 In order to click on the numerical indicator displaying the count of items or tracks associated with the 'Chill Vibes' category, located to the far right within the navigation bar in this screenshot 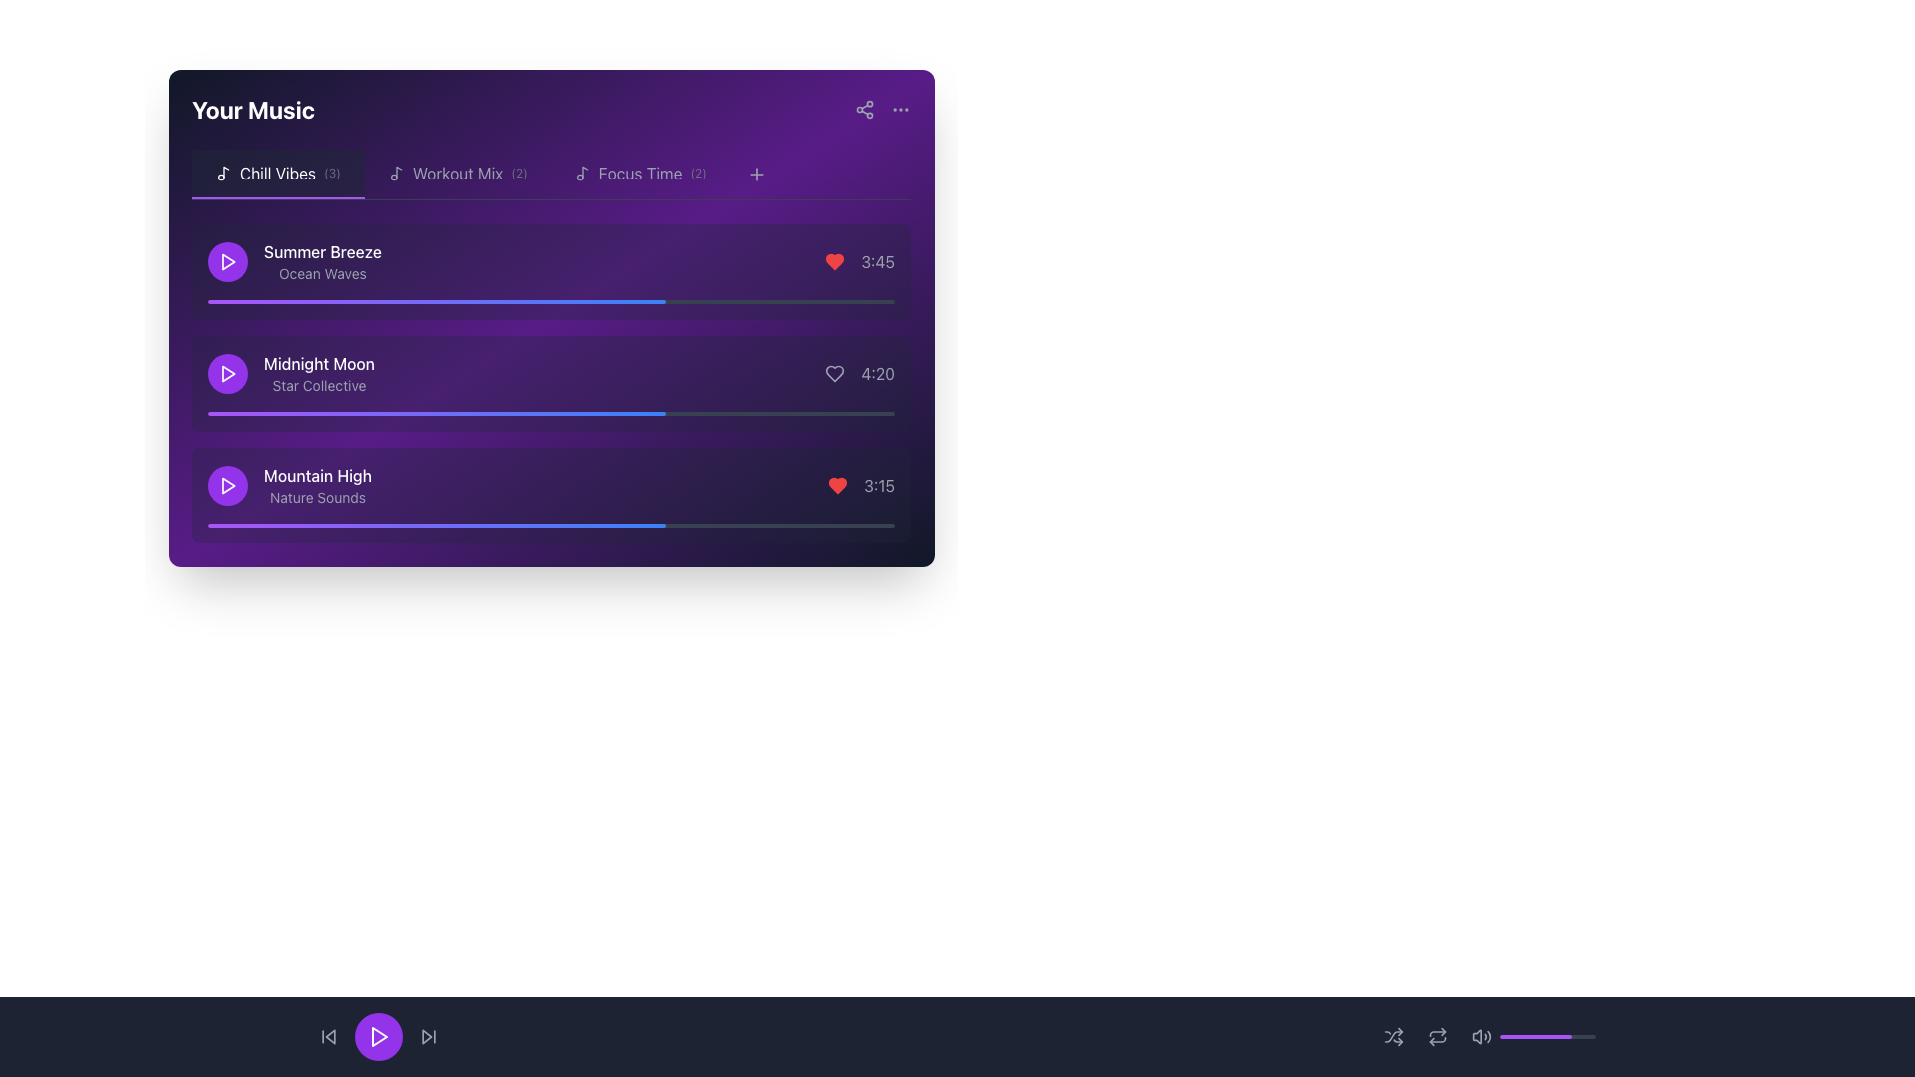, I will do `click(332, 172)`.